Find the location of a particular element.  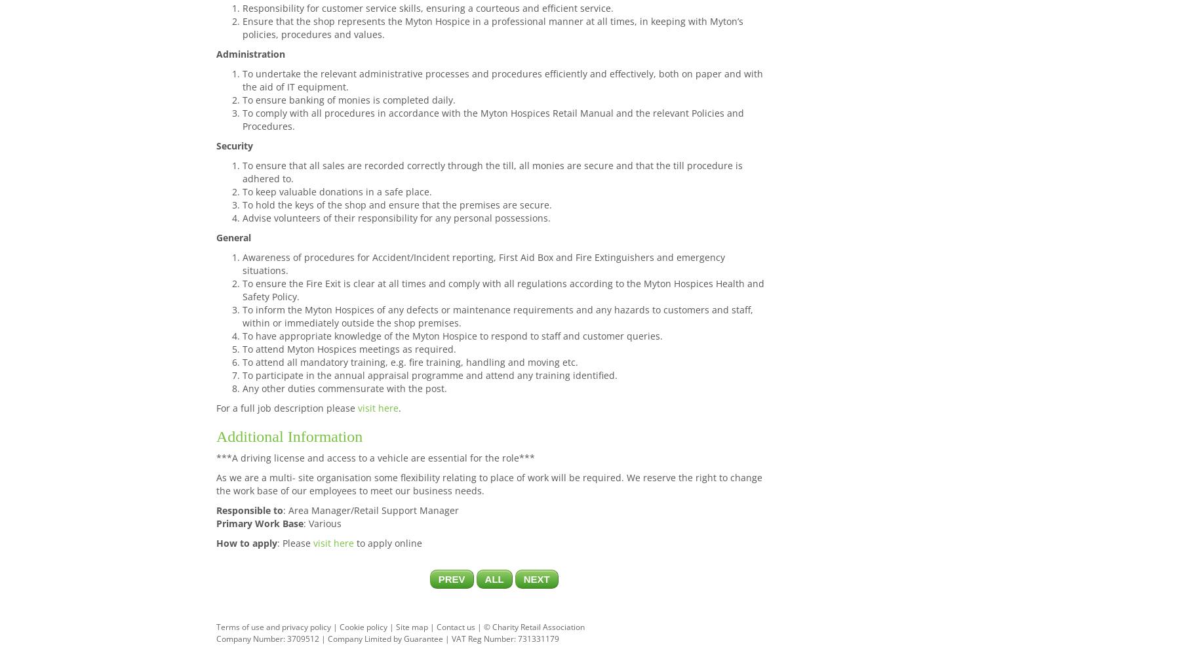

'Any other duties commensurate with the post.' is located at coordinates (243, 387).